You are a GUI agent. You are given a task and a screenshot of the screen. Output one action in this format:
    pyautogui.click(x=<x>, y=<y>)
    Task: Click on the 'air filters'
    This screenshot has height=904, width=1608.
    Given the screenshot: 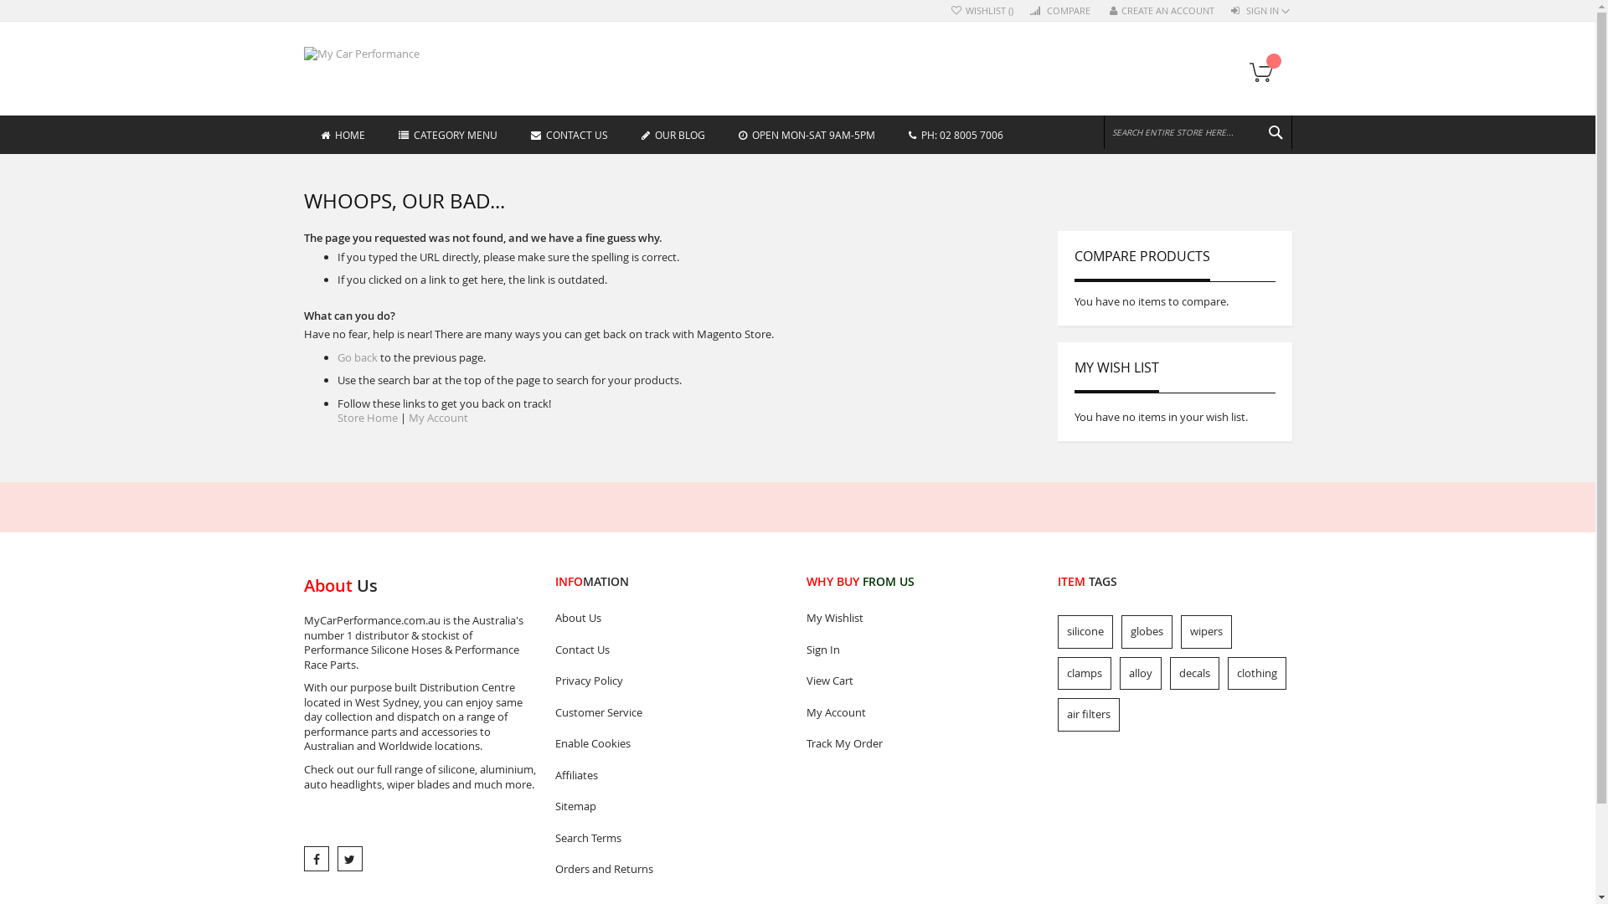 What is the action you would take?
    pyautogui.click(x=1088, y=714)
    